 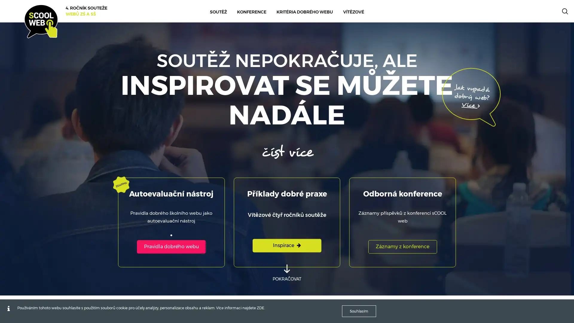 I want to click on Zaznamy z konference, so click(x=402, y=246).